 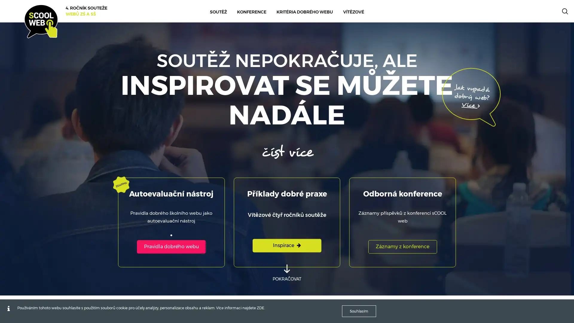 I want to click on Zaznamy z konference, so click(x=402, y=246).